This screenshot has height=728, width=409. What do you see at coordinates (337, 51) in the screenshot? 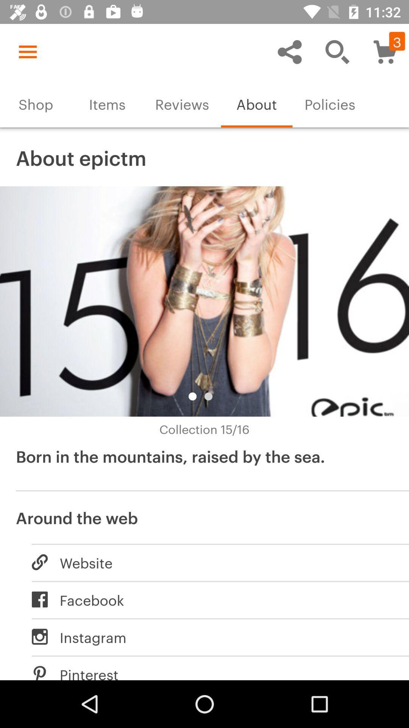
I see `icon above policies` at bounding box center [337, 51].